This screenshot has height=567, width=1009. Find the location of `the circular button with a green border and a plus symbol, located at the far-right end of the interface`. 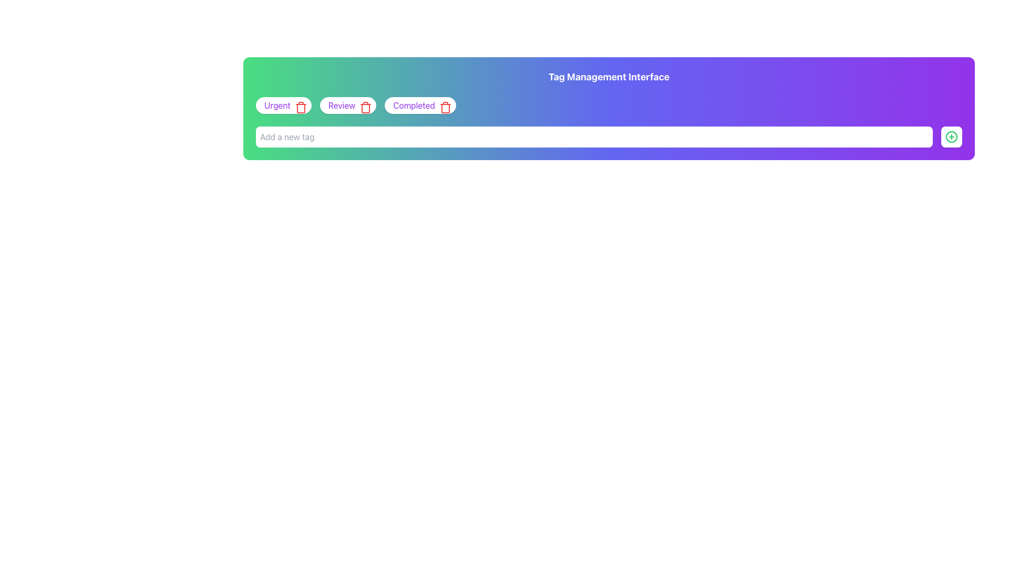

the circular button with a green border and a plus symbol, located at the far-right end of the interface is located at coordinates (951, 136).